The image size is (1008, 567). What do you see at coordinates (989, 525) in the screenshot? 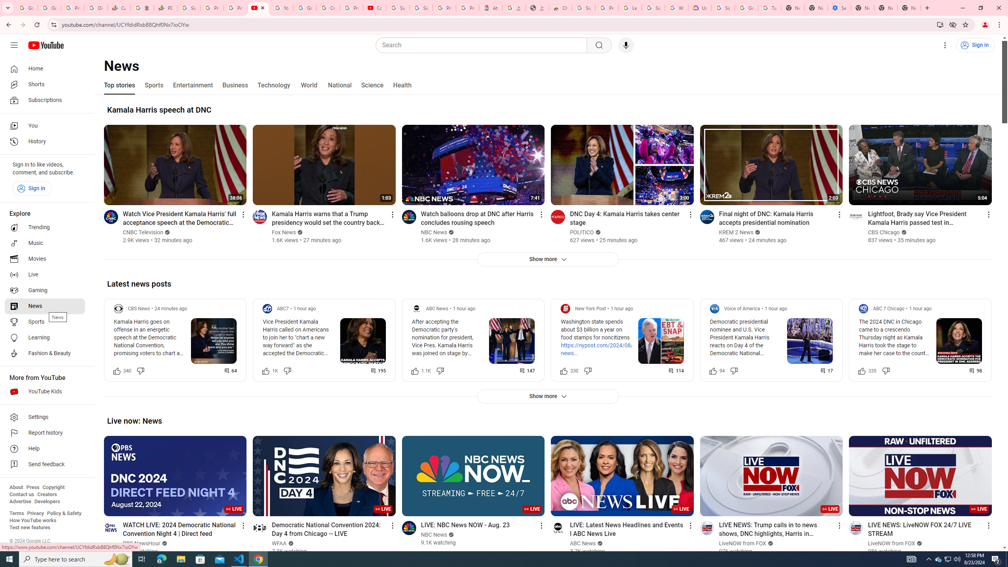
I see `'Action menu'` at bounding box center [989, 525].